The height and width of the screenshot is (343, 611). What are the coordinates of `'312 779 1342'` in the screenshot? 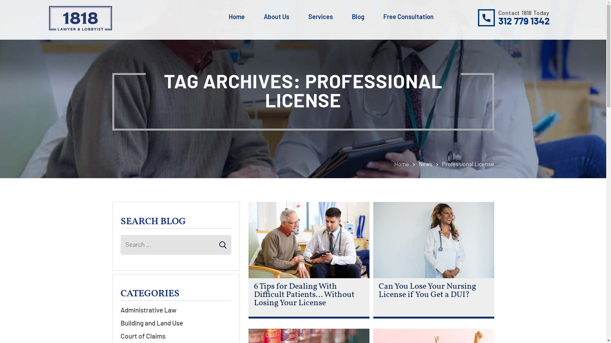 It's located at (498, 21).